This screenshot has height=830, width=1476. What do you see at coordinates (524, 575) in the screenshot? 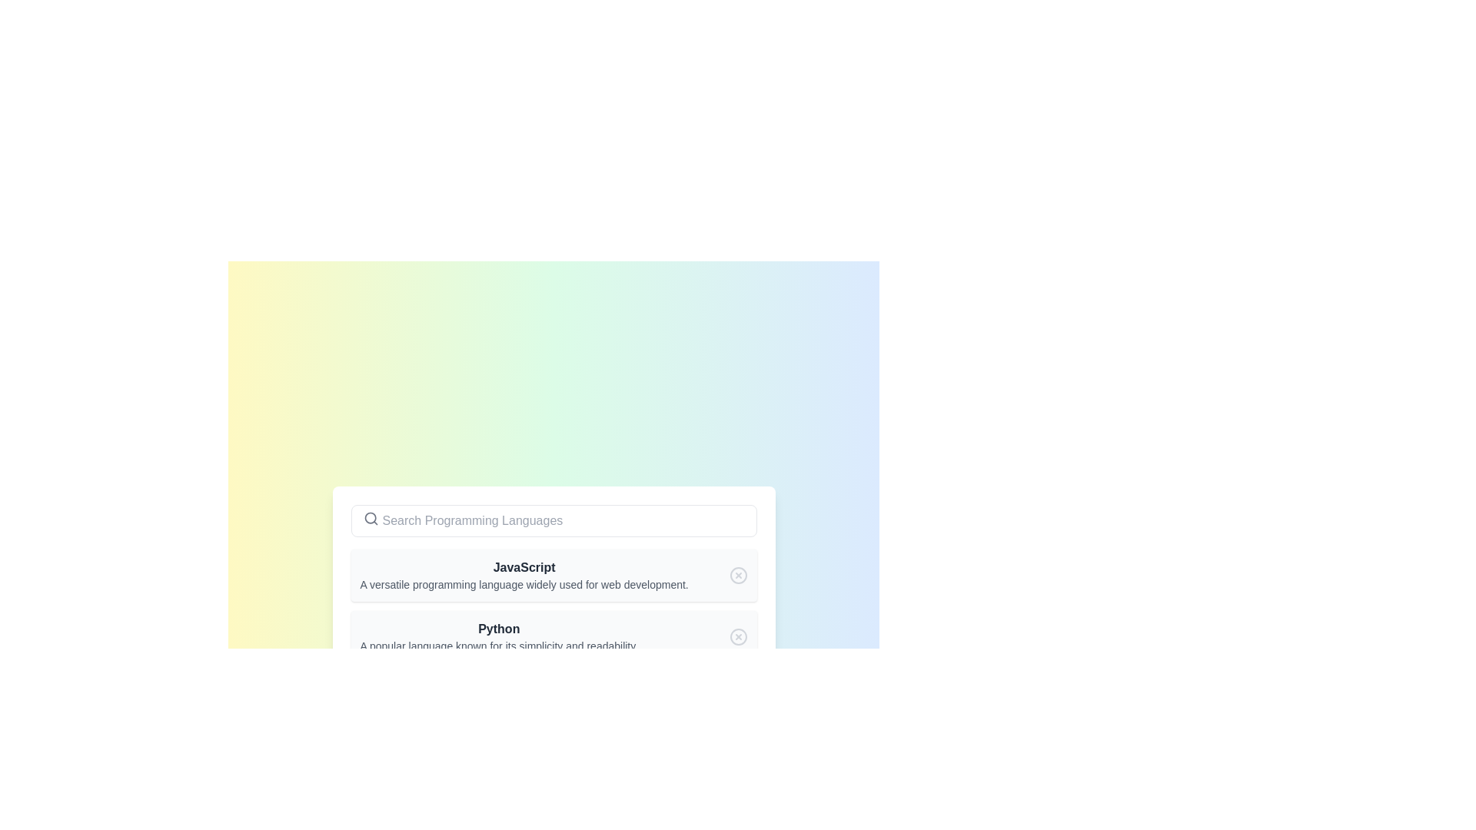
I see `the text block element that displays 'JavaScript' in a bold font with a description below it` at bounding box center [524, 575].